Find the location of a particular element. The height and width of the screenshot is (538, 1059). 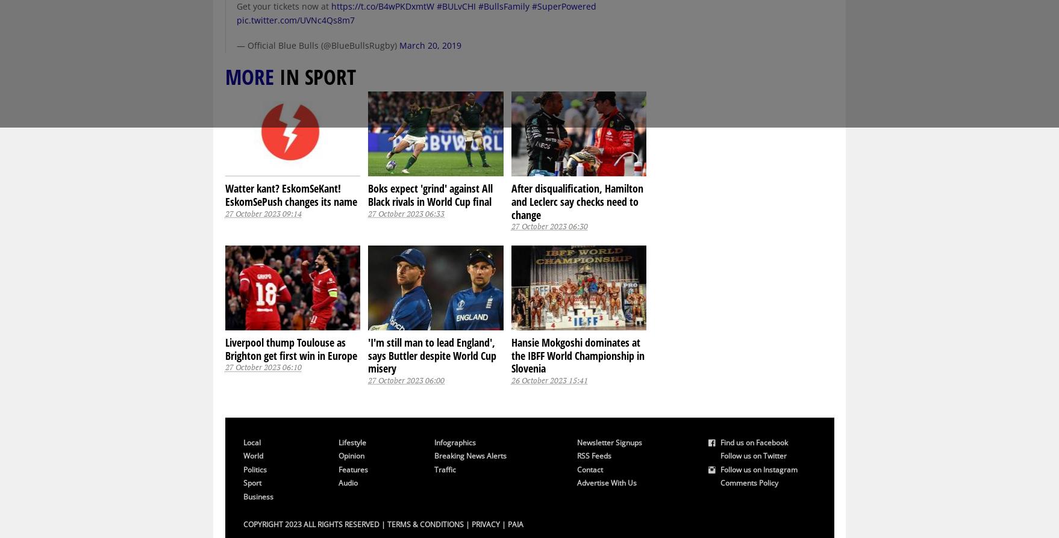

'Newsletter Signups' is located at coordinates (576, 441).